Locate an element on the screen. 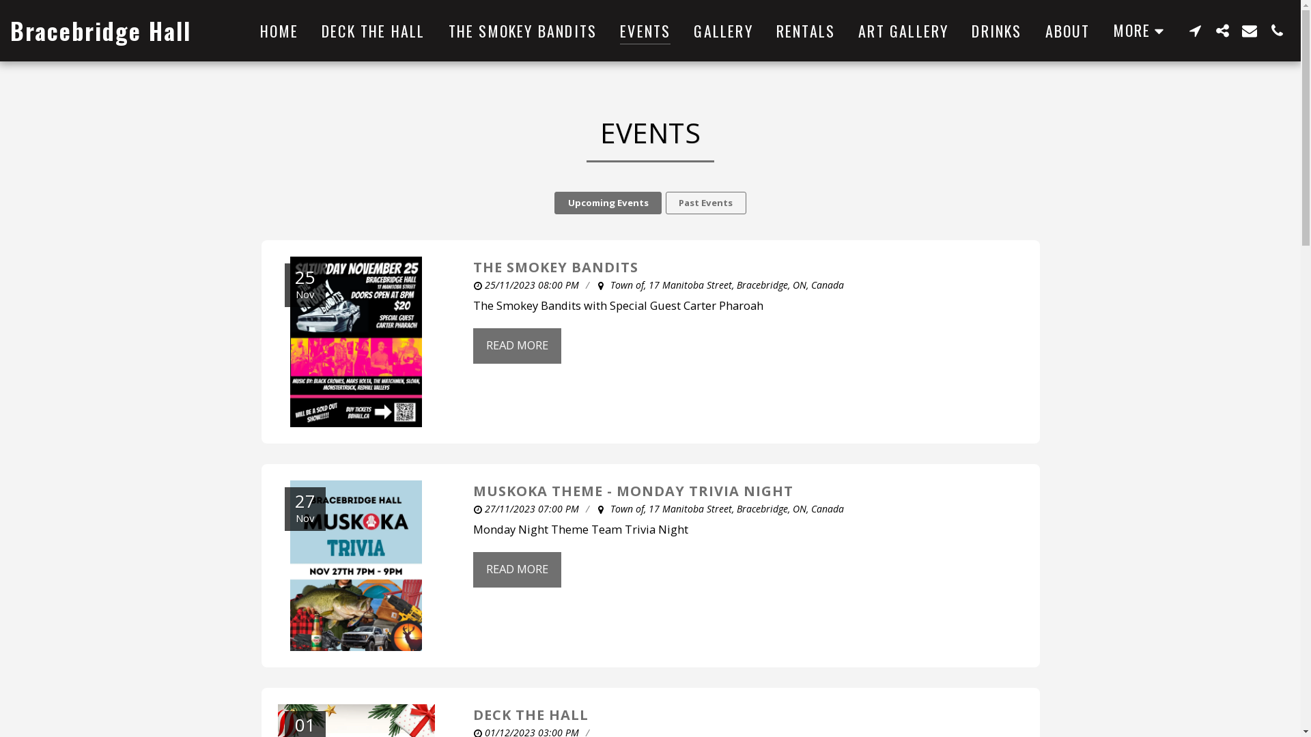  'Bracebridge Hall' is located at coordinates (10, 31).